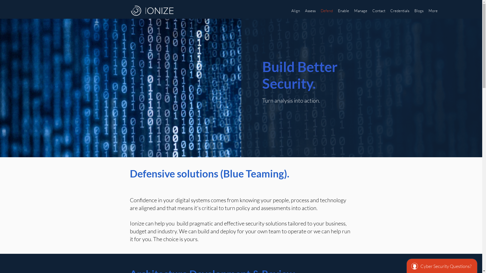 The height and width of the screenshot is (273, 486). What do you see at coordinates (399, 11) in the screenshot?
I see `'Credentials'` at bounding box center [399, 11].